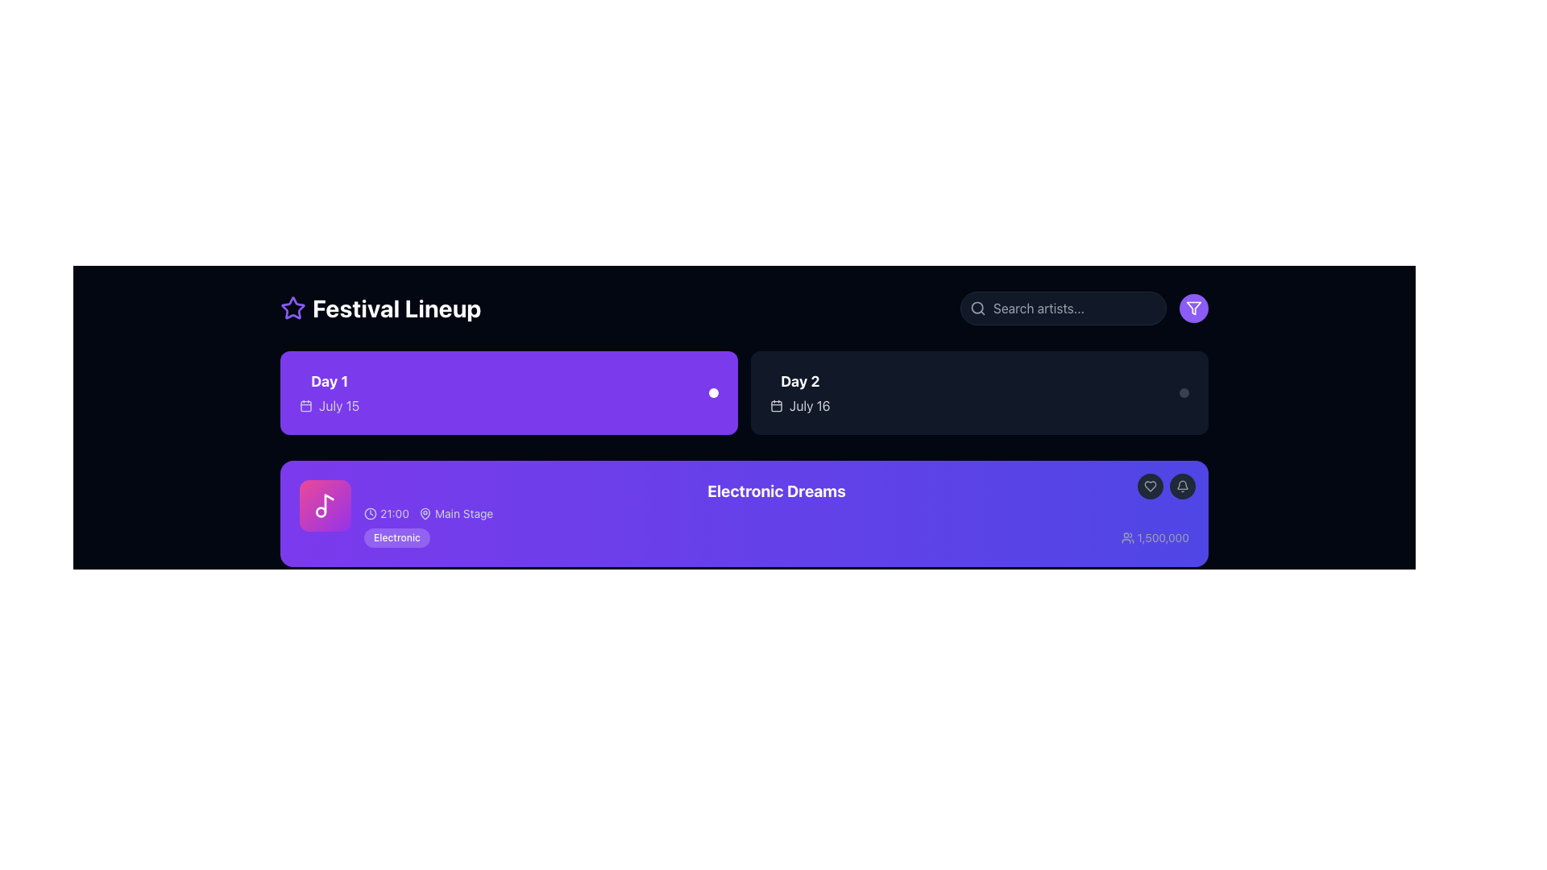 The image size is (1547, 870). Describe the element at coordinates (800, 405) in the screenshot. I see `the text label displaying the date 'July 16' with a calendar icon to its left, located within the 'Day 2' card below the primary title 'Day 2'` at that location.